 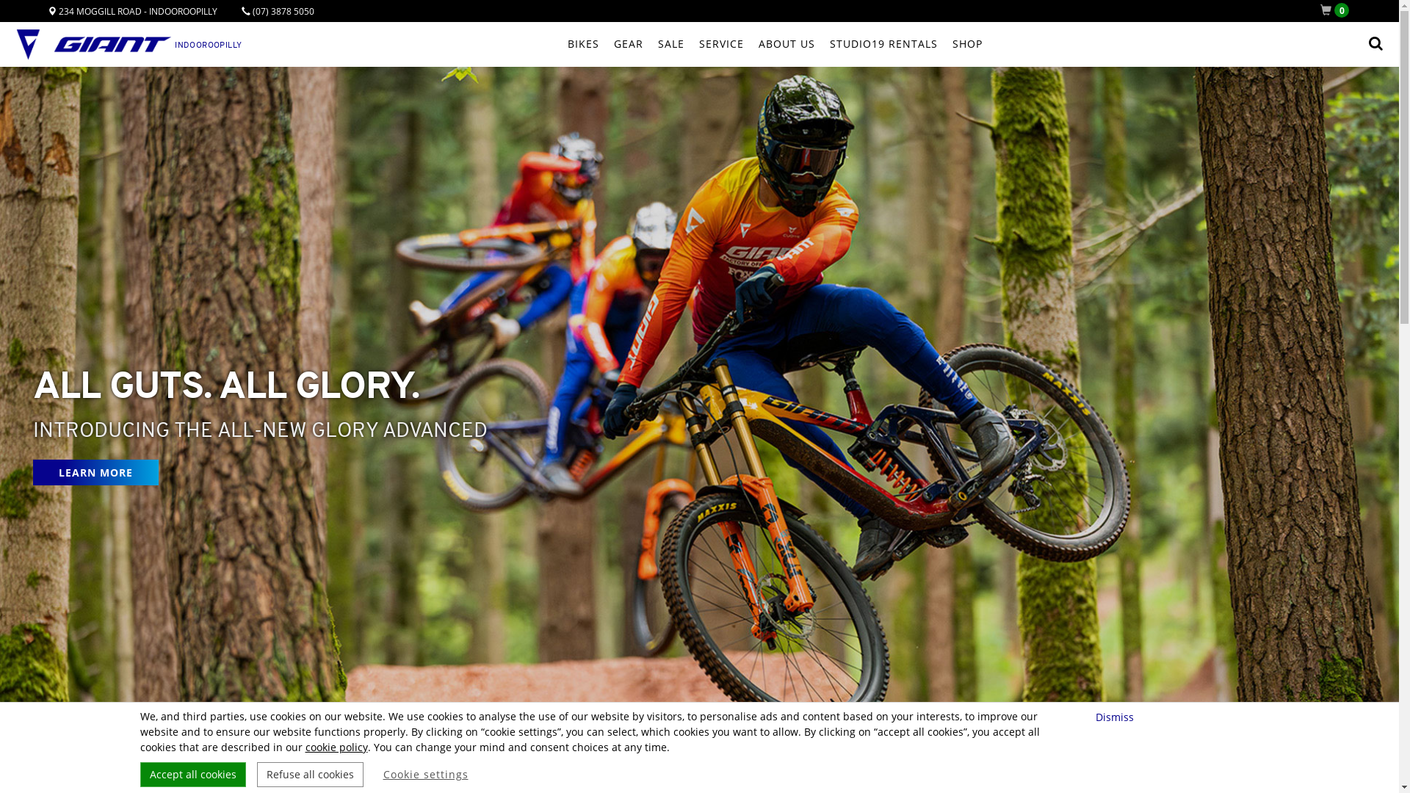 I want to click on 'GEAR', so click(x=628, y=43).